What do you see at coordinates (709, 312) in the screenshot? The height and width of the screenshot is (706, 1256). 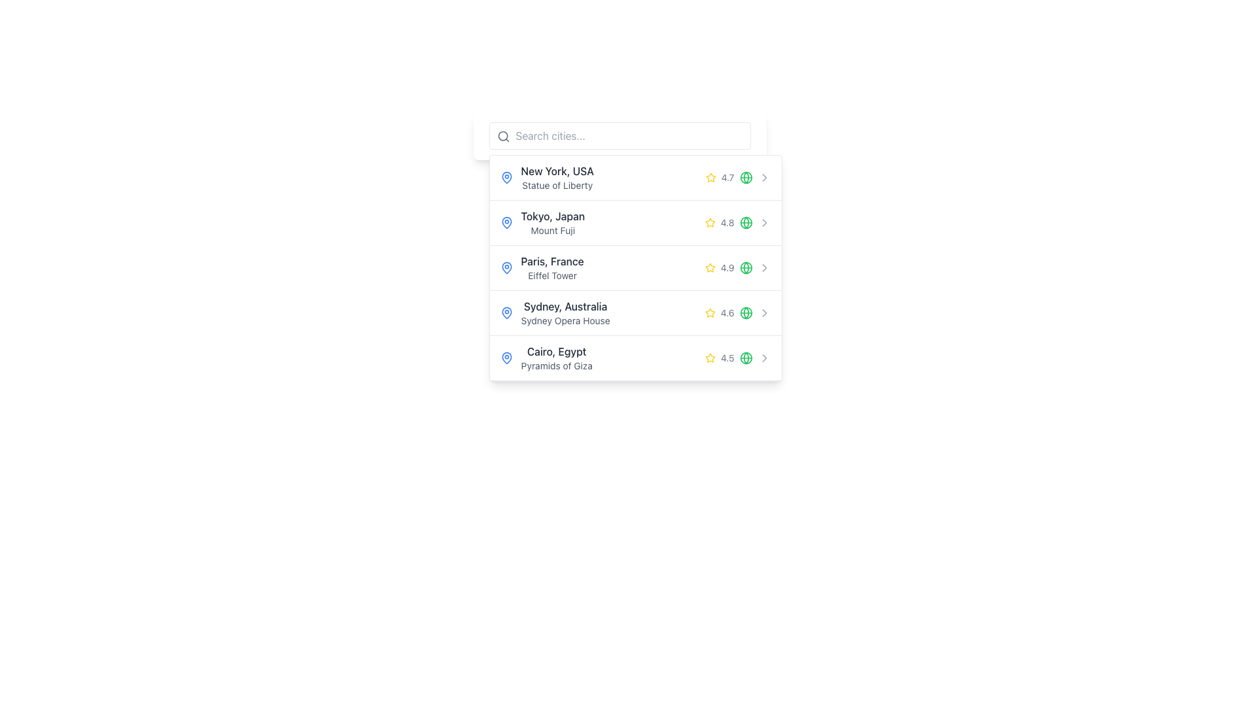 I see `the yellow star icon representing a rating element, located in the fourth list item, adjacent to the numerical rating value 4.6` at bounding box center [709, 312].